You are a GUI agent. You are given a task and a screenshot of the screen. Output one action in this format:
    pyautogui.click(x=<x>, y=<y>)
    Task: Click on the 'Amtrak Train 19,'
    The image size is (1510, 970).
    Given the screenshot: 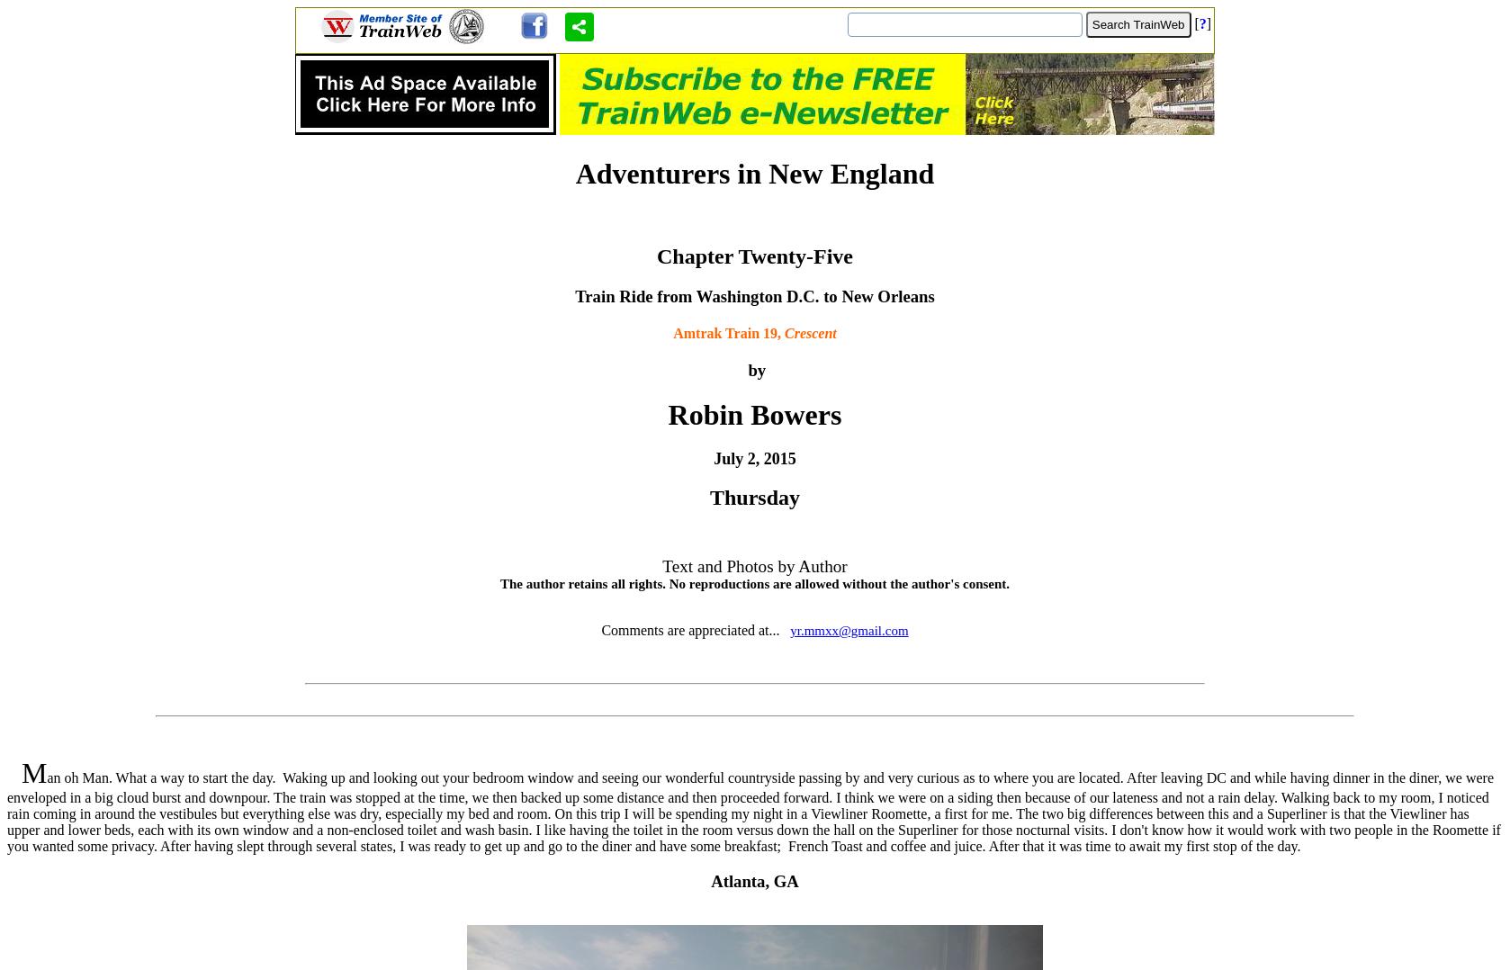 What is the action you would take?
    pyautogui.click(x=727, y=332)
    